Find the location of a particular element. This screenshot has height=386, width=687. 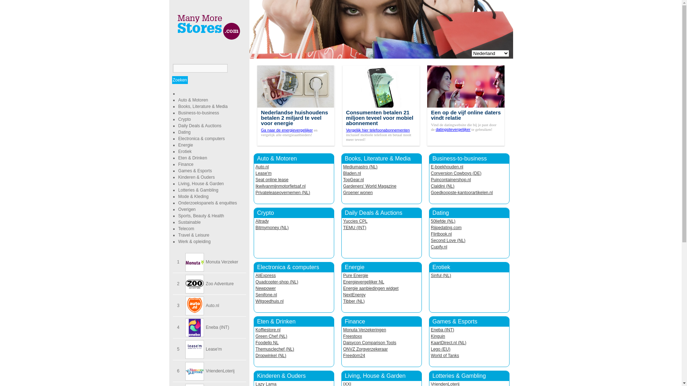

'Senifone.nl' is located at coordinates (255, 295).